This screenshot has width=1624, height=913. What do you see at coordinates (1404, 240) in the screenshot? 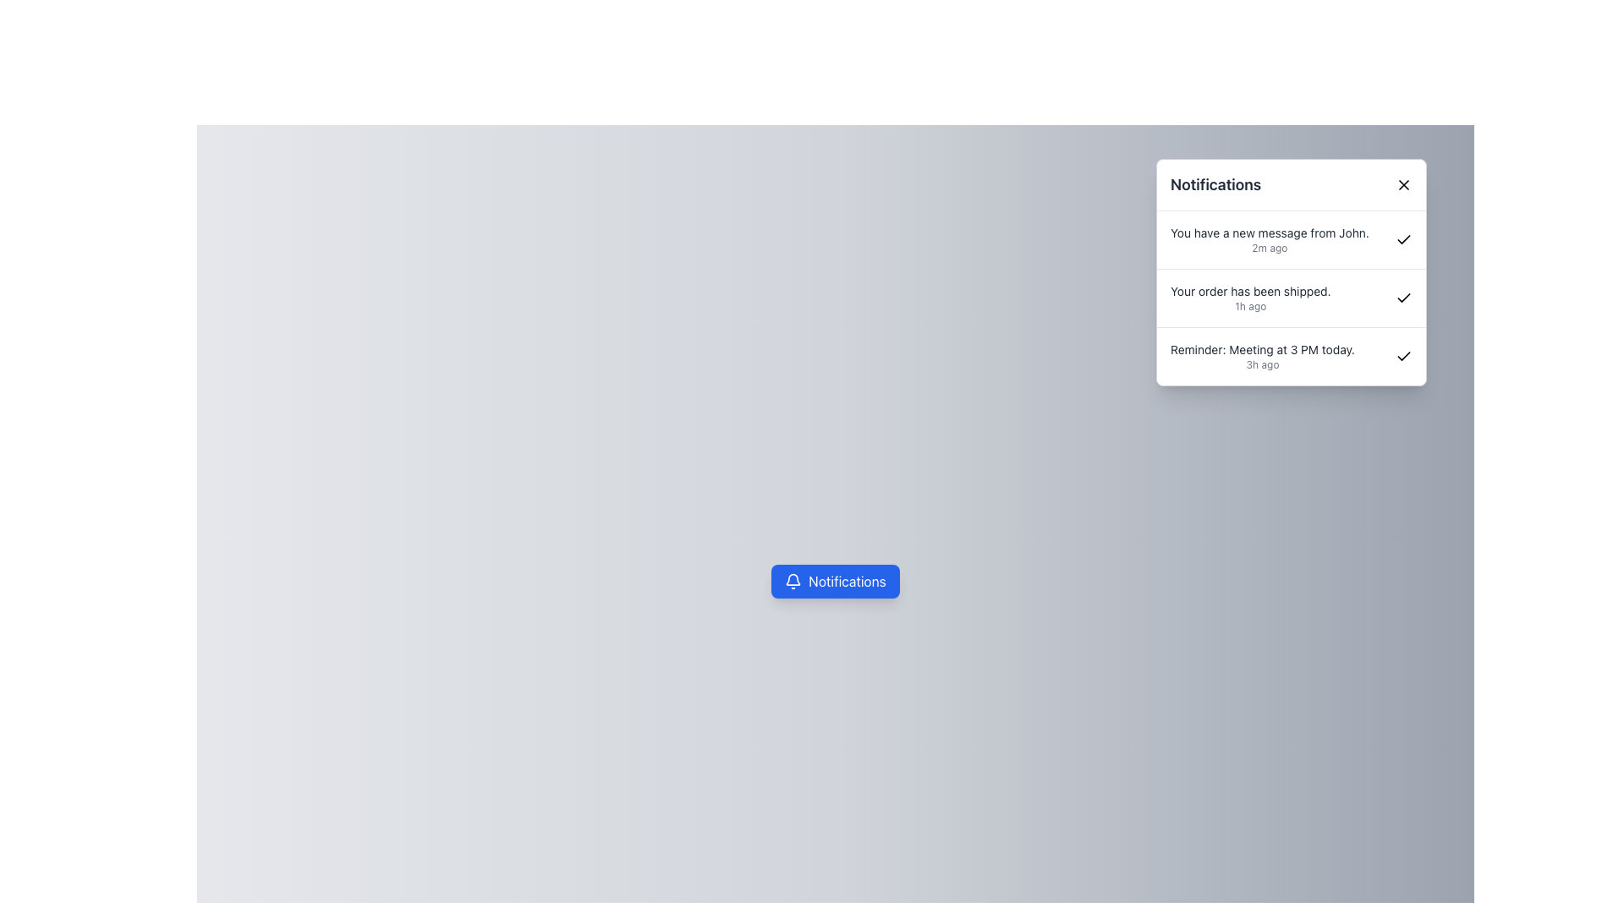
I see `the button in the notification card that marks the notification as read, positioned to the far right of the text 'You have a new message from John.'` at bounding box center [1404, 240].